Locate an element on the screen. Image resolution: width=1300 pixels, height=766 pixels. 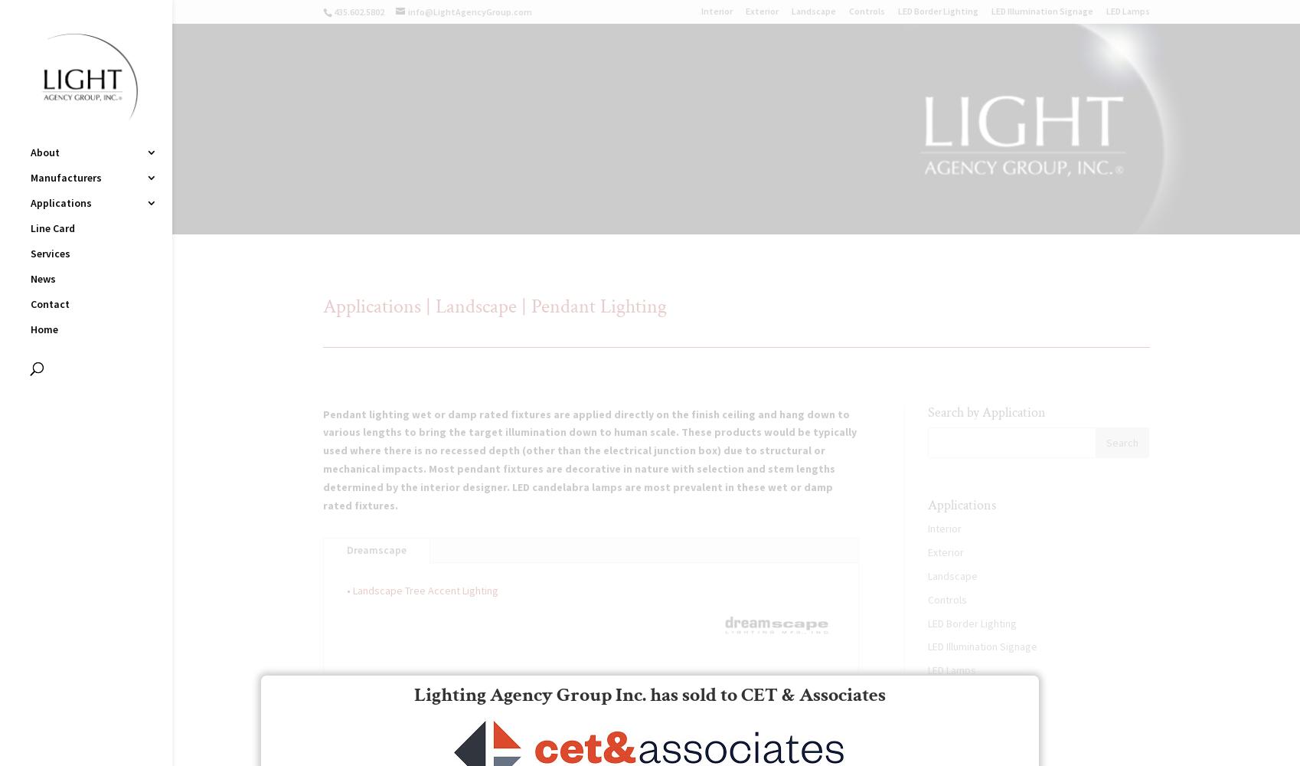
'Applications | Landscape | Pendant Lighting' is located at coordinates (493, 306).